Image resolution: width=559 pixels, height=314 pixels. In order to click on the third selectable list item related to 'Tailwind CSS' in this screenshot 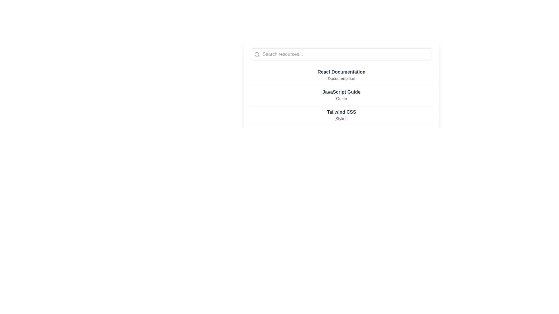, I will do `click(341, 115)`.